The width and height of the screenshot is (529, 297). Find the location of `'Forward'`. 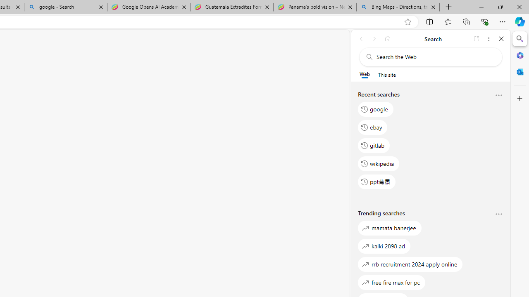

'Forward' is located at coordinates (374, 38).